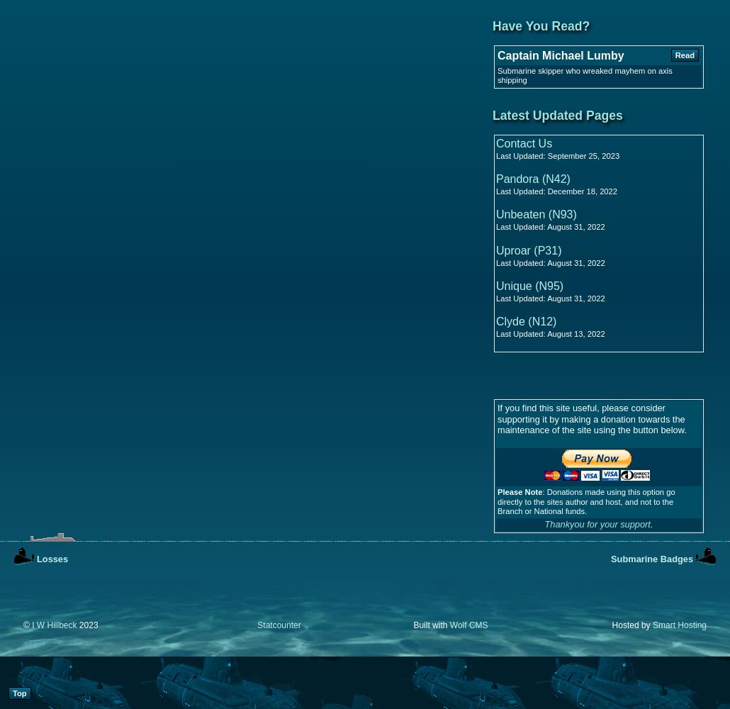  I want to click on 'Last Updated: September 25, 2023', so click(495, 155).